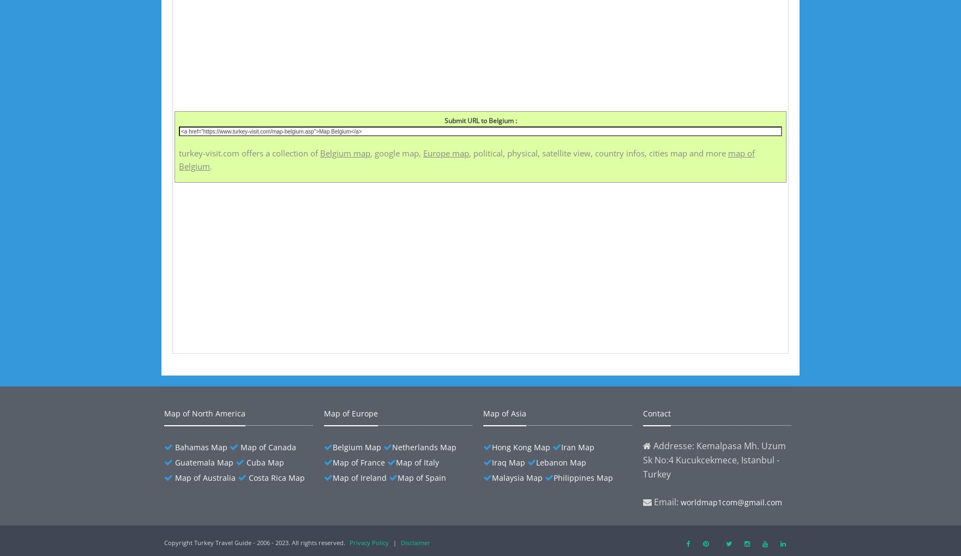  Describe the element at coordinates (201, 447) in the screenshot. I see `'Bahamas Map'` at that location.